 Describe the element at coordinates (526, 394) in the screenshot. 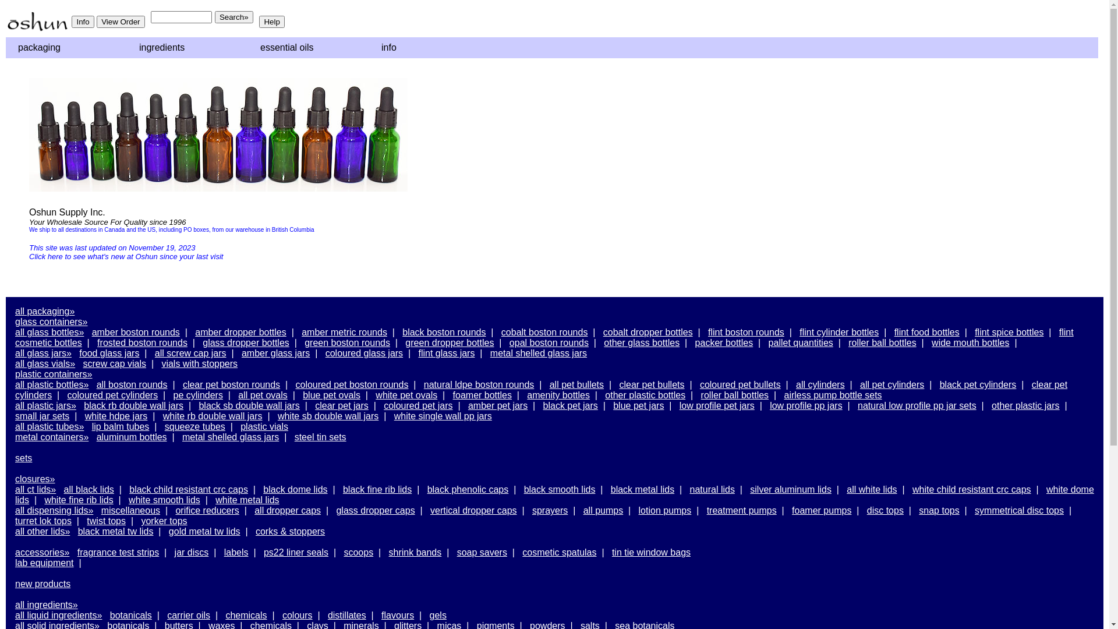

I see `'amenity bottles'` at that location.